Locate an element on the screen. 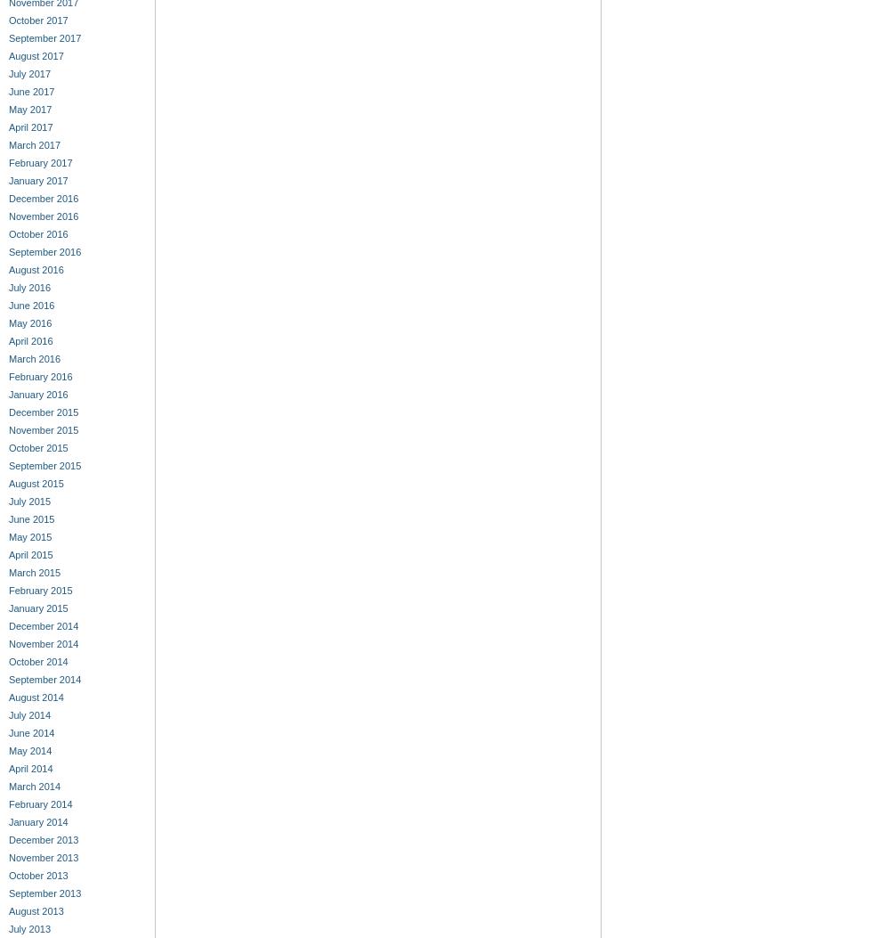 This screenshot has height=938, width=881. 'September 2017' is located at coordinates (44, 37).